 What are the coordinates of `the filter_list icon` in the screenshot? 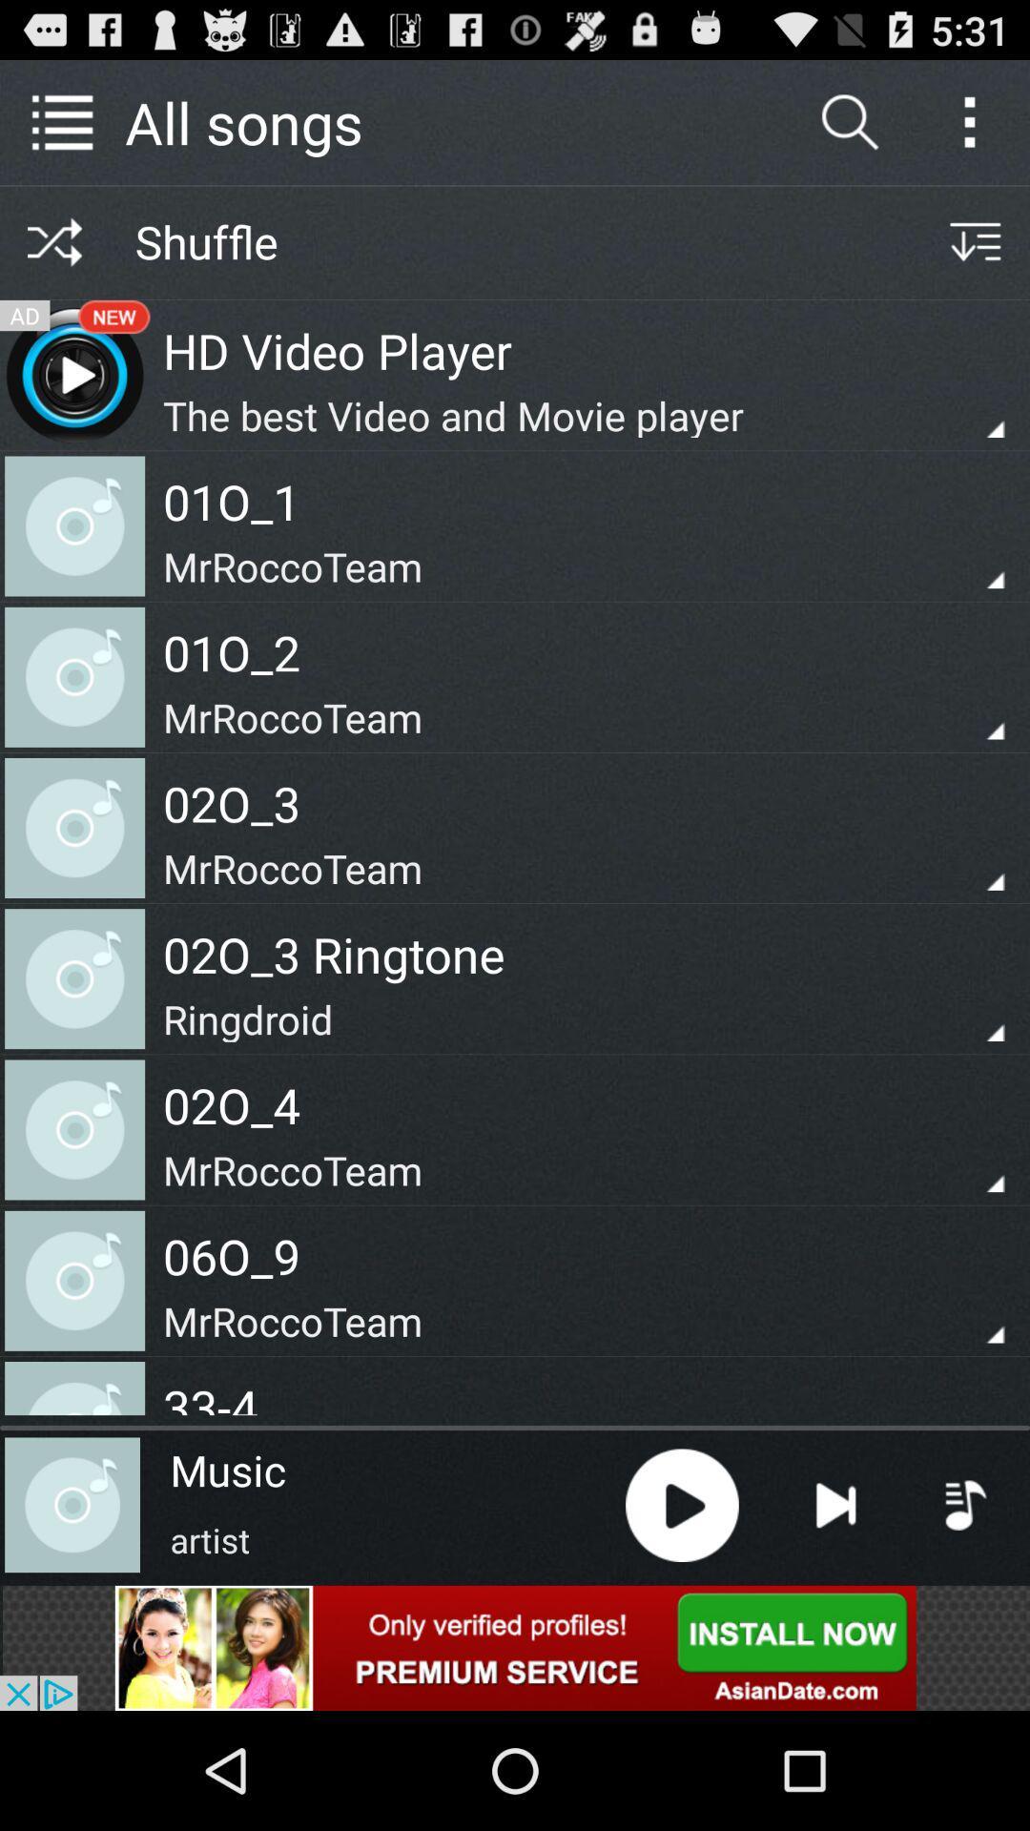 It's located at (975, 257).